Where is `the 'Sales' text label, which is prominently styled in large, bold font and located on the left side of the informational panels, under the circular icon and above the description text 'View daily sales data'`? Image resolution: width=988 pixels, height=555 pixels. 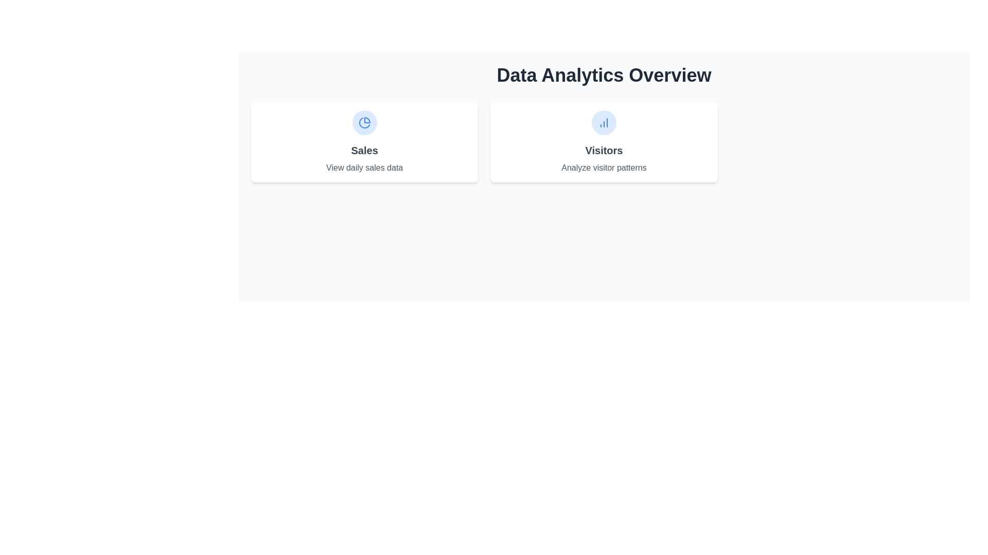
the 'Sales' text label, which is prominently styled in large, bold font and located on the left side of the informational panels, under the circular icon and above the description text 'View daily sales data' is located at coordinates (364, 151).